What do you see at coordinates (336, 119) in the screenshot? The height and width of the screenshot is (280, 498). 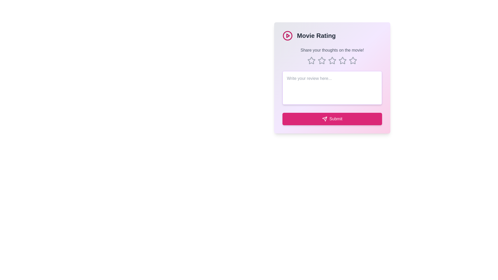 I see `the 'Submit' button located at the bottom center of the card, which is pink in color and includes a paper plane icon` at bounding box center [336, 119].